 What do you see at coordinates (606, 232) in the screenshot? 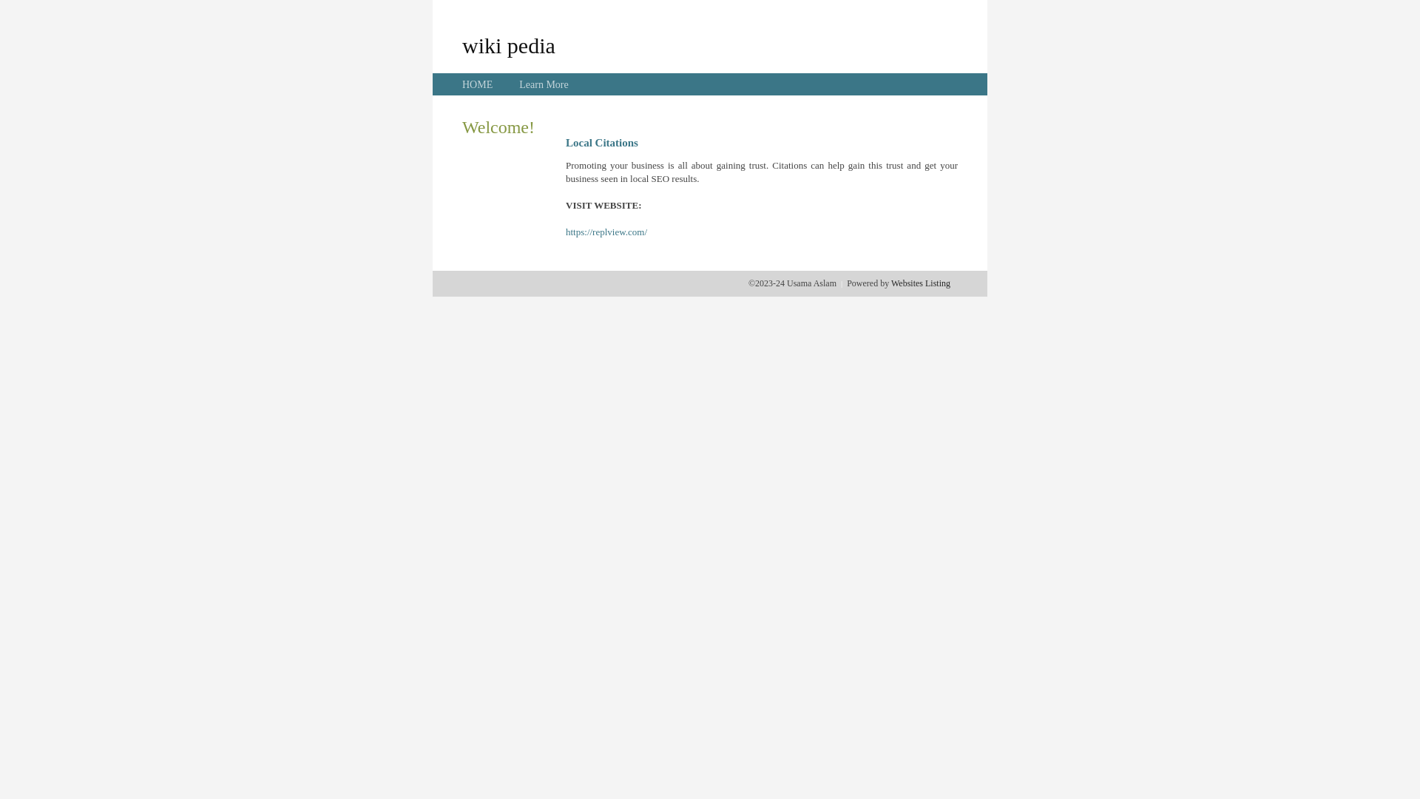
I see `'https://replview.com/'` at bounding box center [606, 232].